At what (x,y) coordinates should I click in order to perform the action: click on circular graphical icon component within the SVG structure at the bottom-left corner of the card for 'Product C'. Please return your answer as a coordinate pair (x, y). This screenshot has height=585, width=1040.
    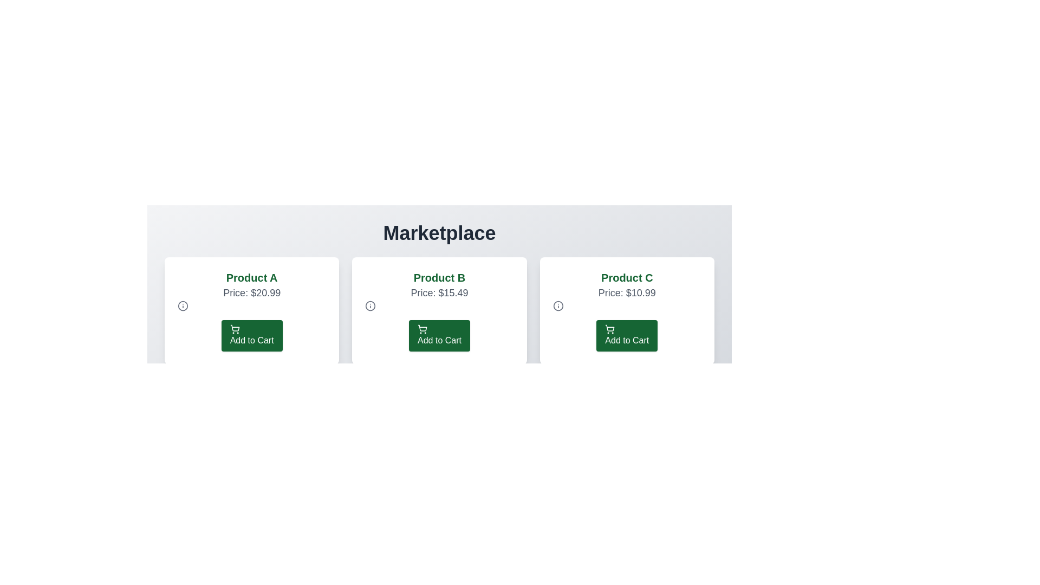
    Looking at the image, I should click on (558, 305).